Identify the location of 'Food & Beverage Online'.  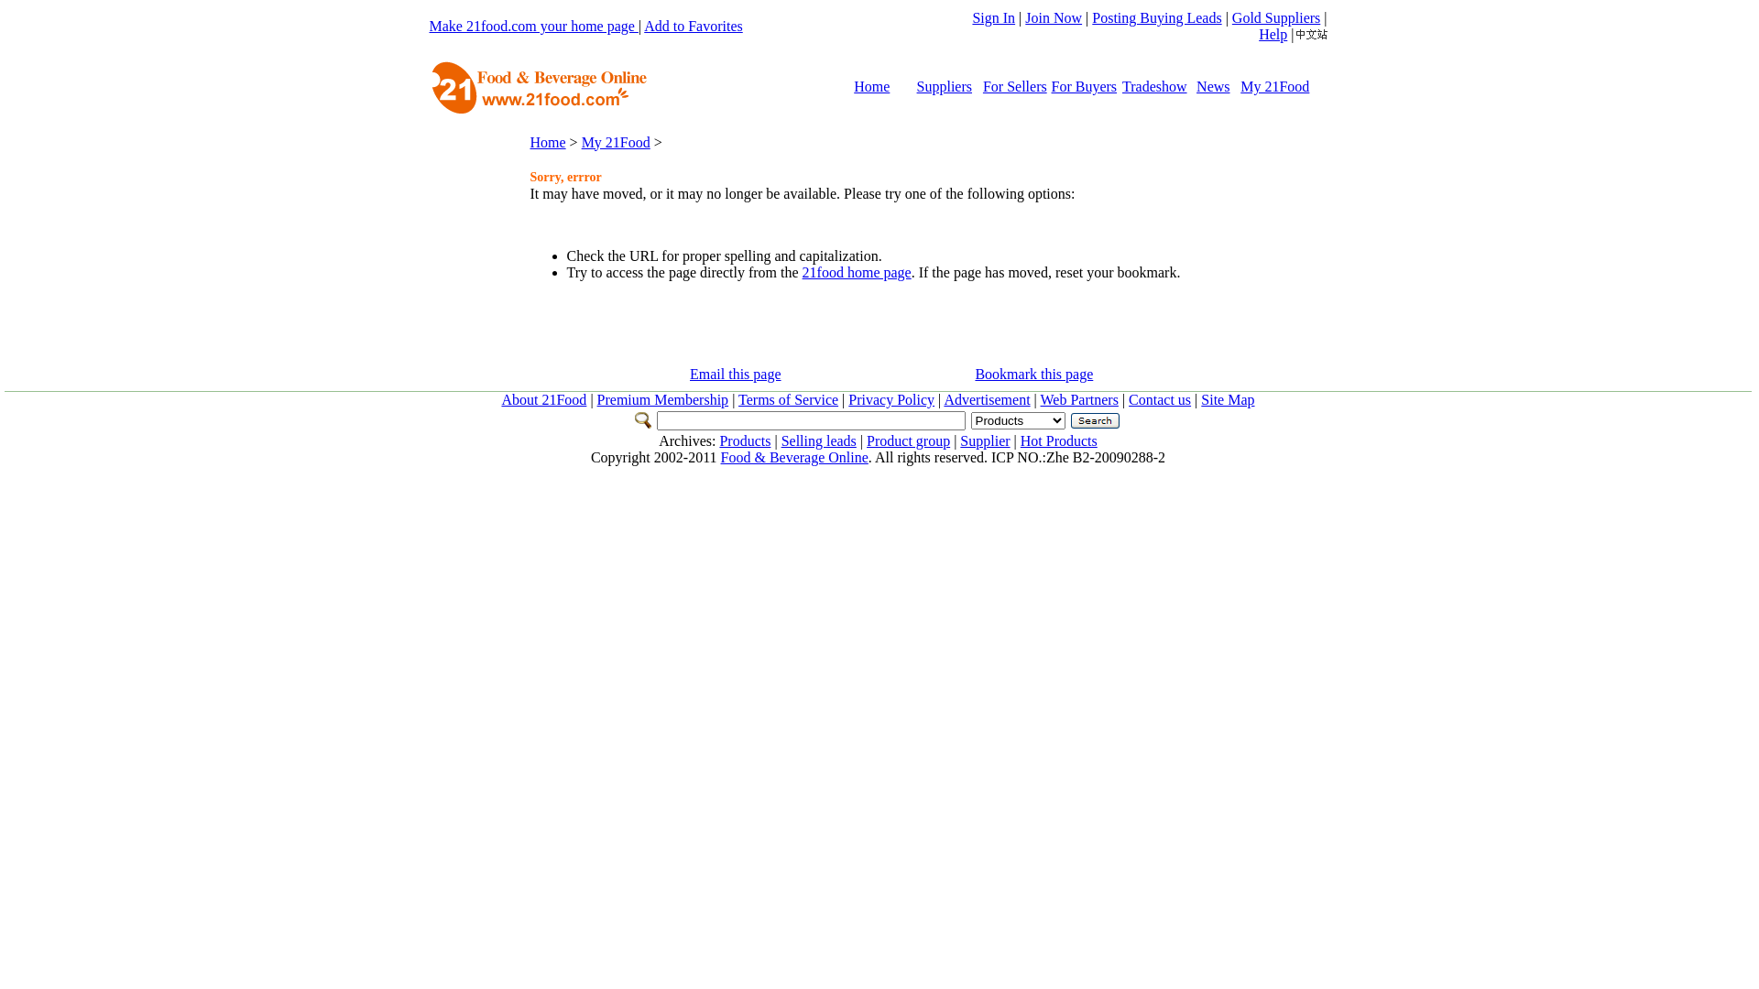
(794, 456).